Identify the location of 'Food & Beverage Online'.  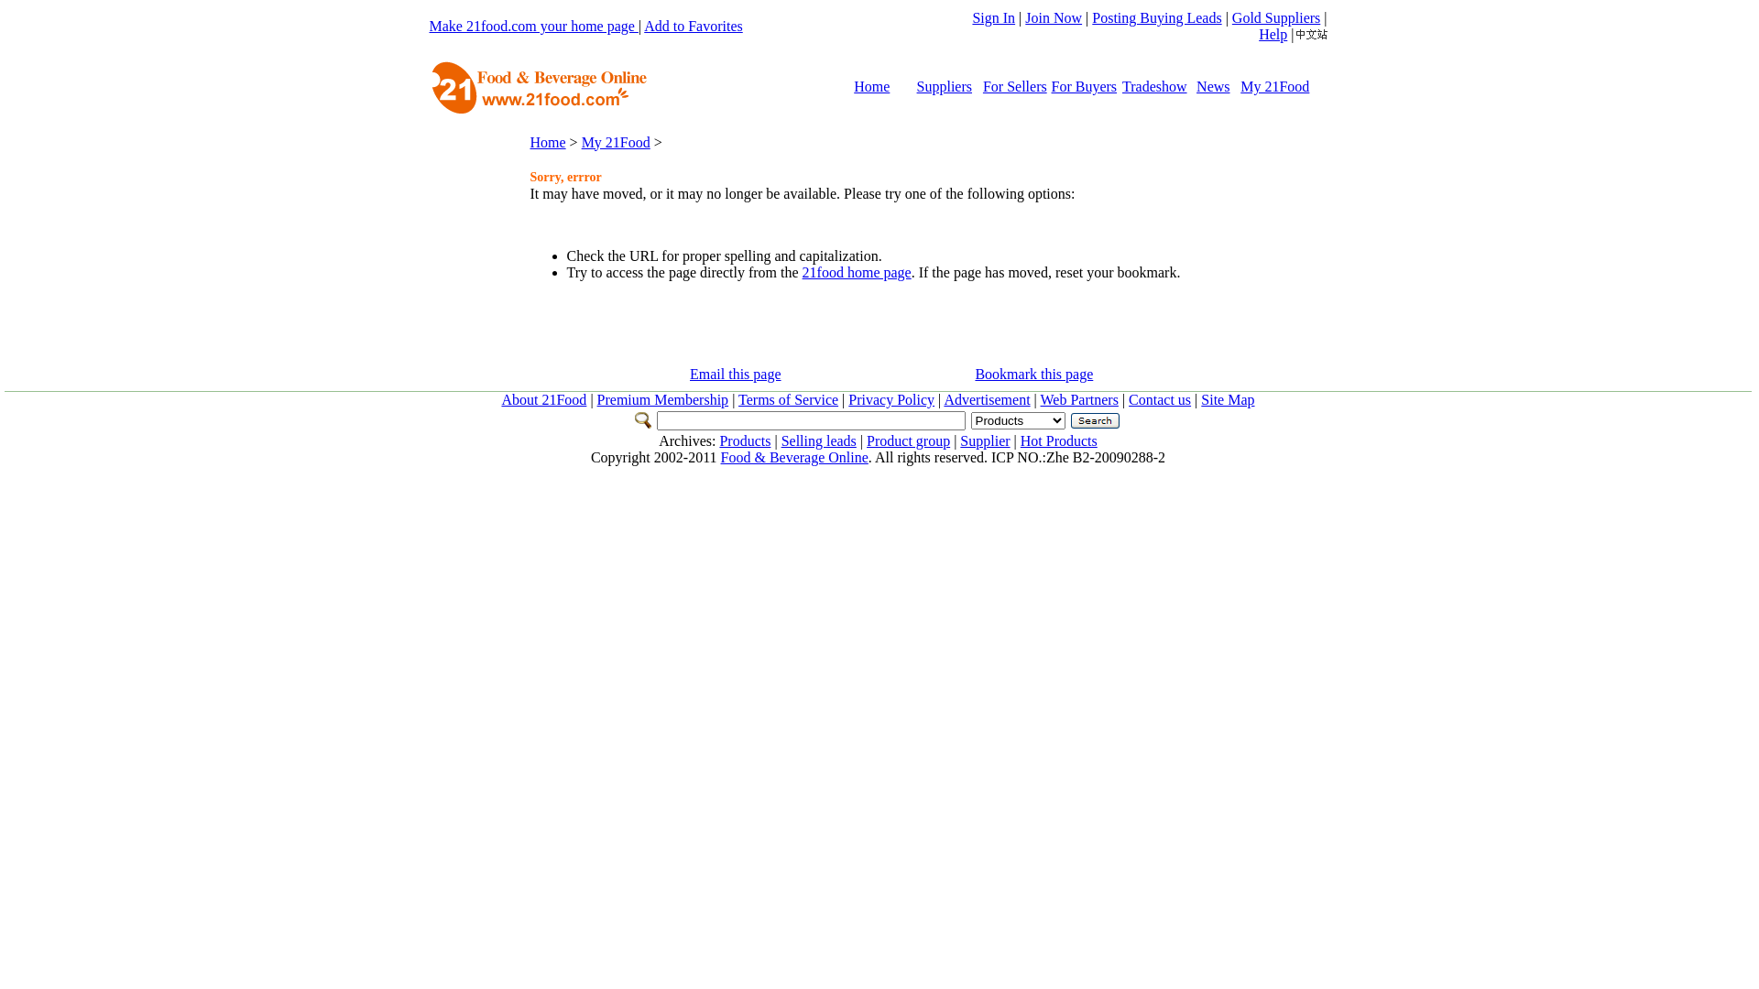
(794, 456).